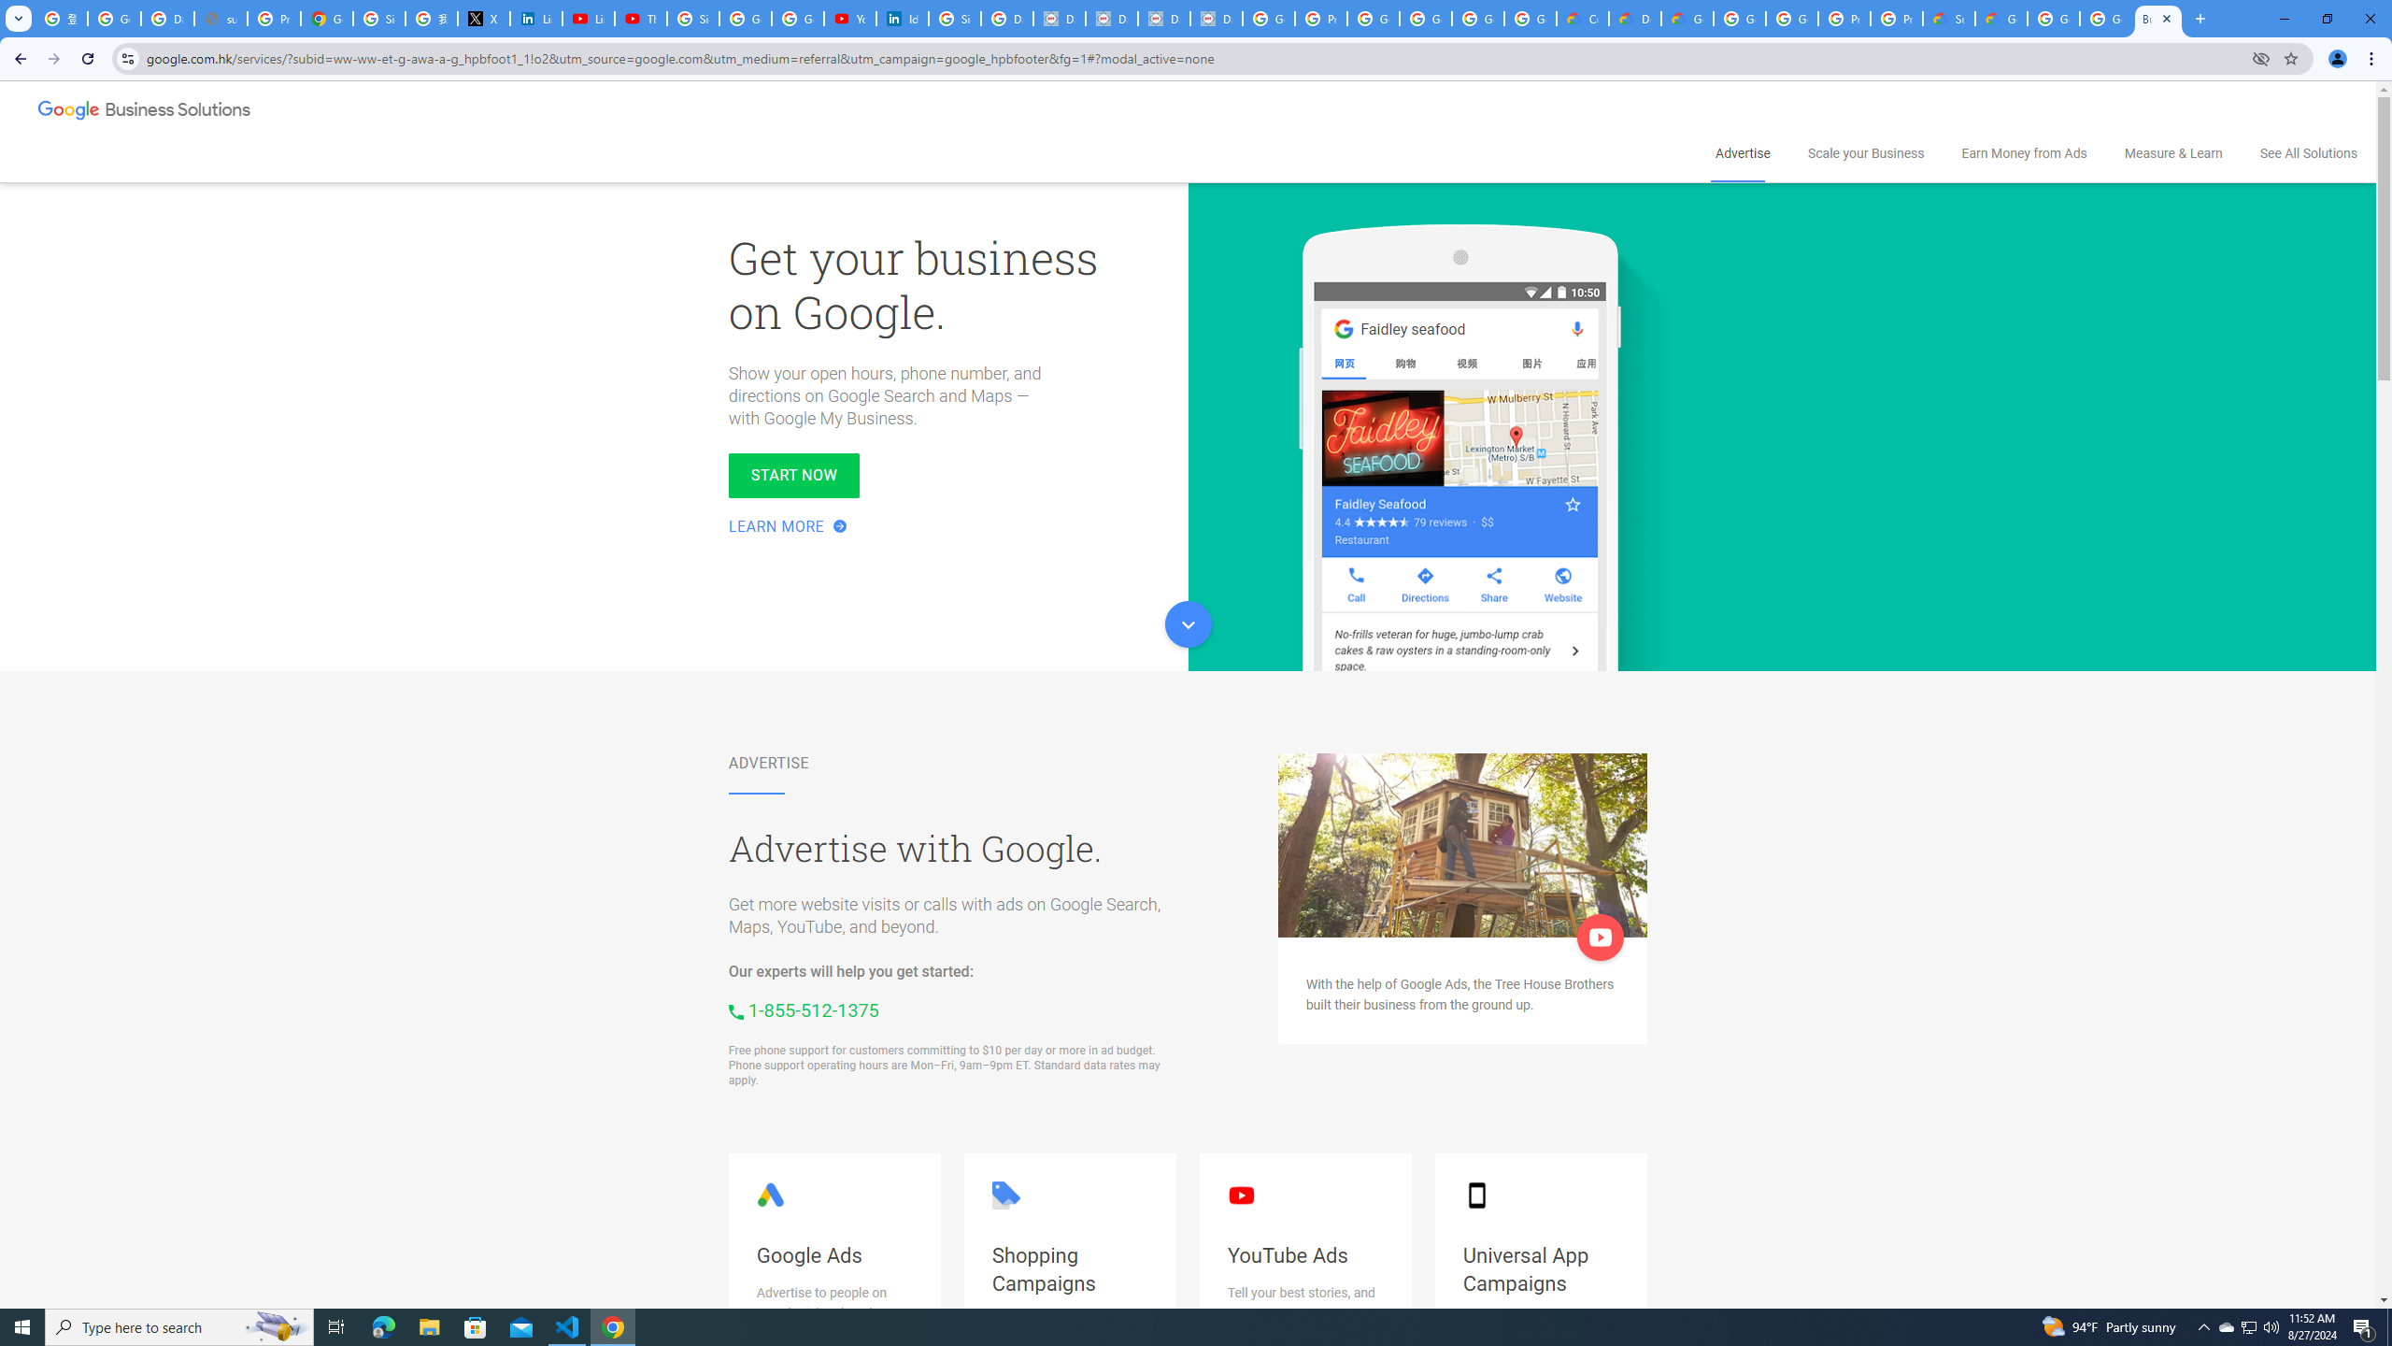  Describe the element at coordinates (1741, 153) in the screenshot. I see `'Advertise'` at that location.